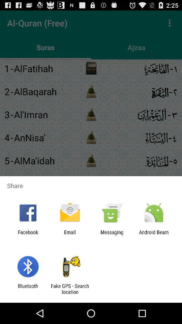  I want to click on item to the left of the email, so click(28, 235).